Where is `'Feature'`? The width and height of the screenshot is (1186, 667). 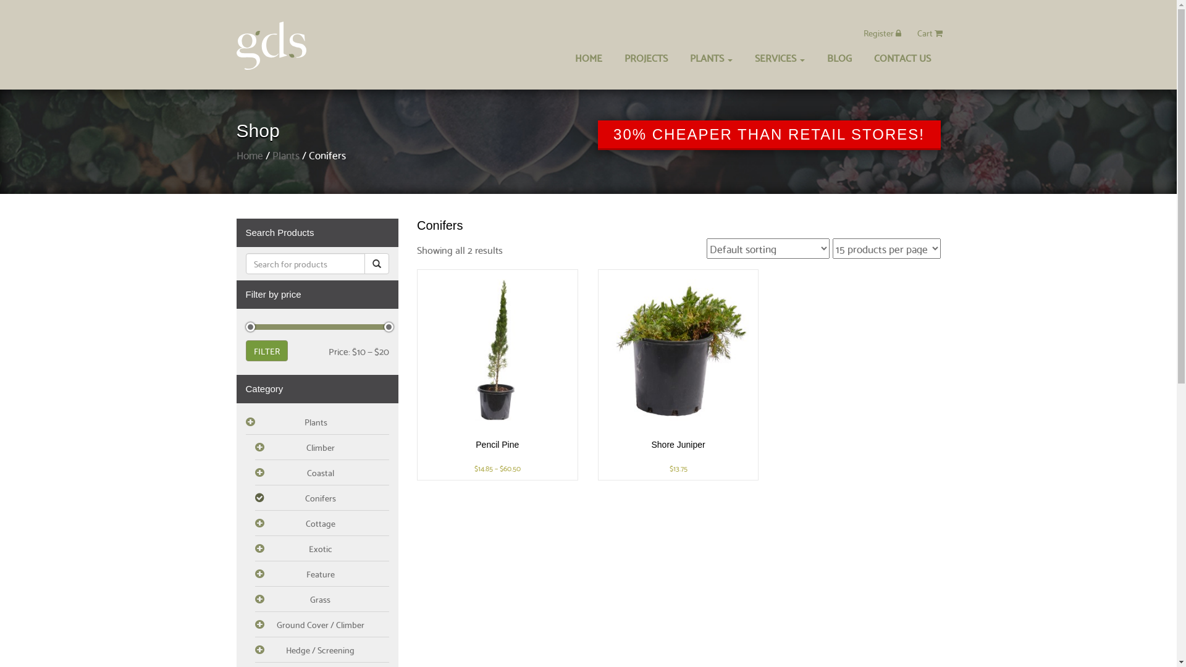
'Feature' is located at coordinates (254, 574).